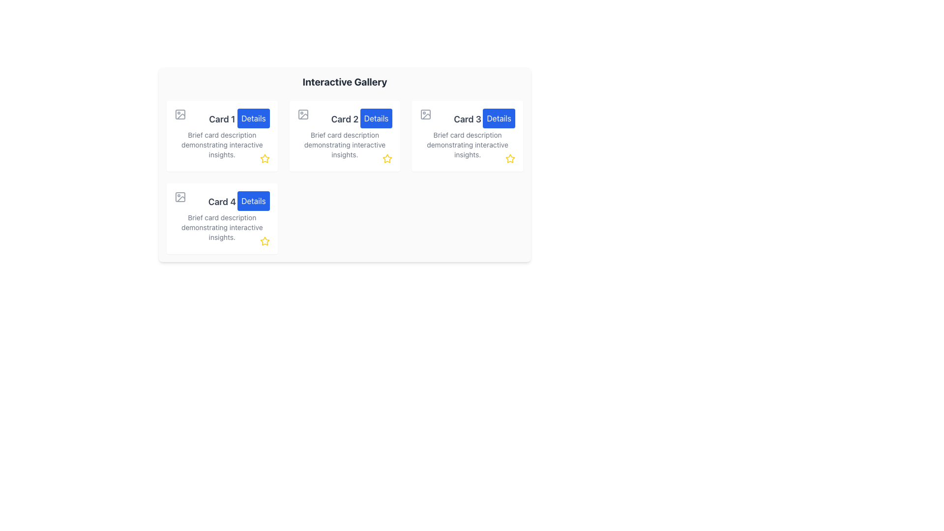  Describe the element at coordinates (302, 114) in the screenshot. I see `the SVG rectangle element located at the top-left corner of 'Card 2', which is styled with rounded corners and measures 18x18 pixels` at that location.